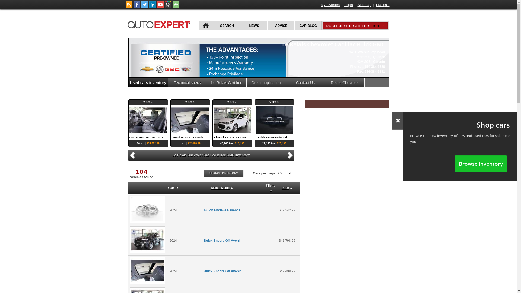 The image size is (521, 293). I want to click on 'Follow autoExpert.ca on Google Plus', so click(168, 7).